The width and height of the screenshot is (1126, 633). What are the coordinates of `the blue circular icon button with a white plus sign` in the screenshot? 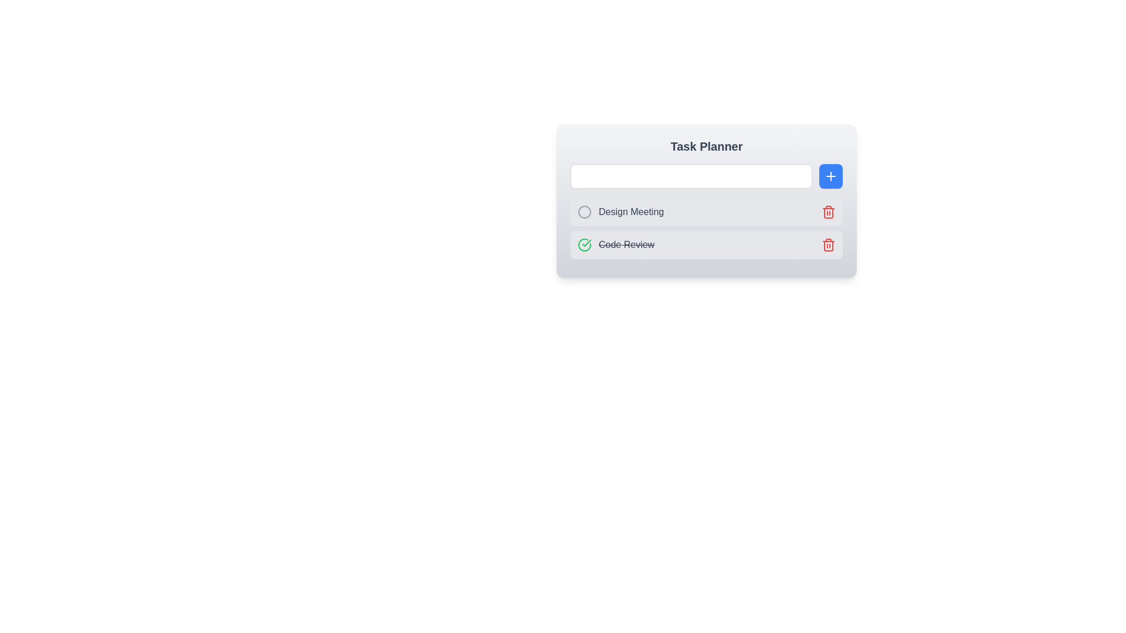 It's located at (830, 176).